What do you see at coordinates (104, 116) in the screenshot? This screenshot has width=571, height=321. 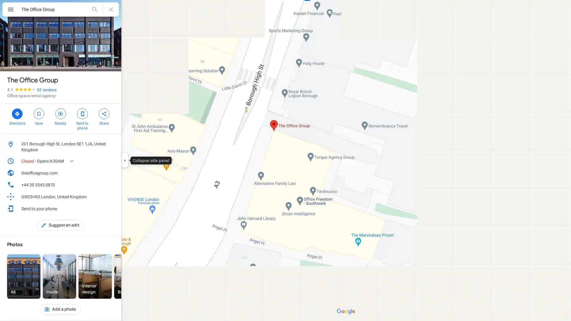 I see `Share The Office Group` at bounding box center [104, 116].